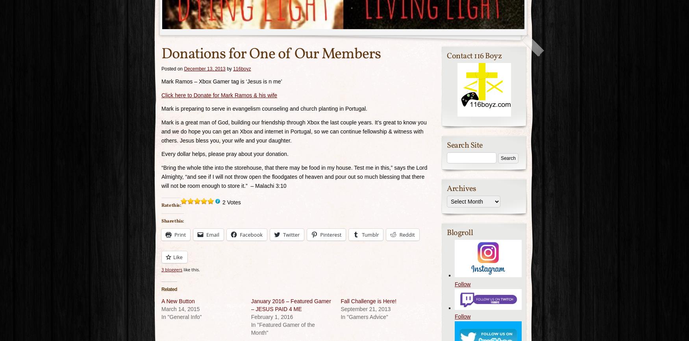 The image size is (689, 341). Describe the element at coordinates (206, 234) in the screenshot. I see `'Email'` at that location.